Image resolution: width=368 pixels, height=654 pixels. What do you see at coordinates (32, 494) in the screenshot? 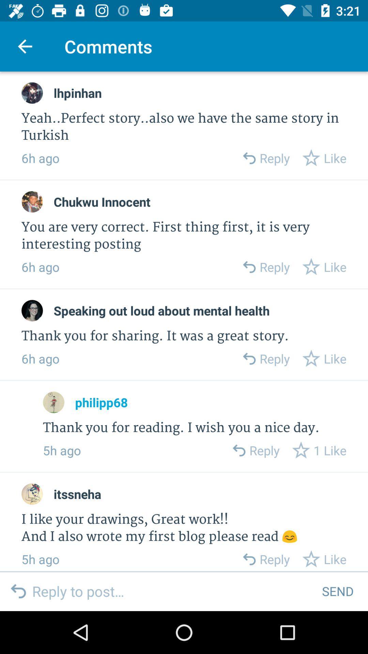
I see `profile` at bounding box center [32, 494].